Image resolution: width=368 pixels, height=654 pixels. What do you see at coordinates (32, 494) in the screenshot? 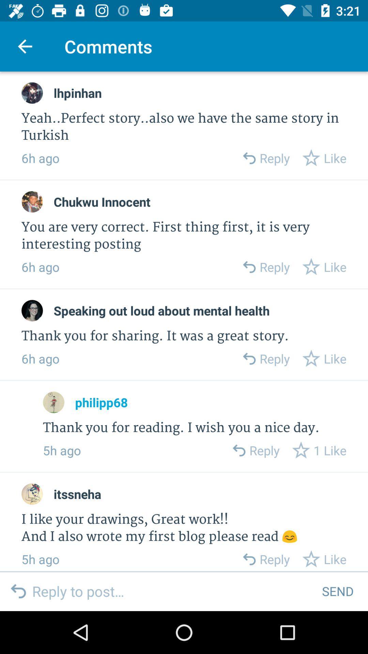
I see `profile` at bounding box center [32, 494].